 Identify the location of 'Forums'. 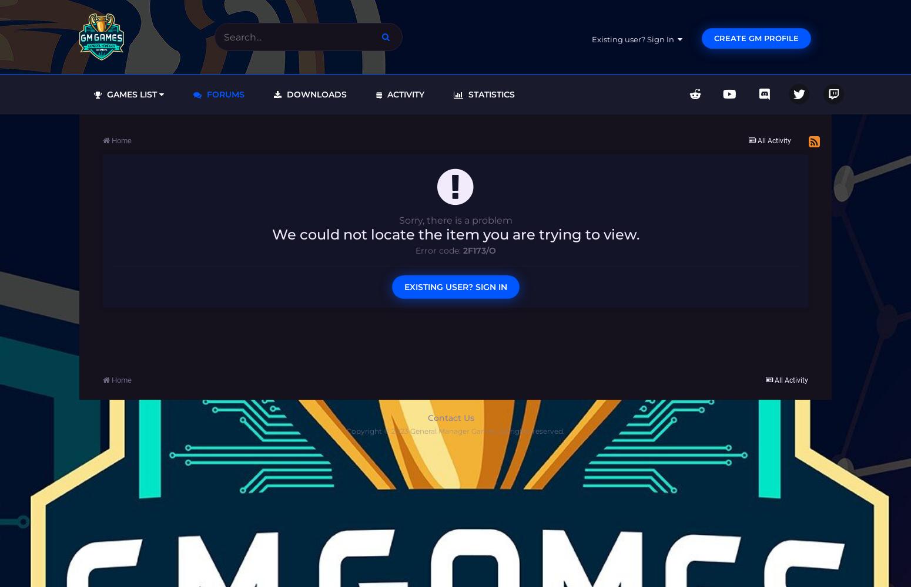
(224, 94).